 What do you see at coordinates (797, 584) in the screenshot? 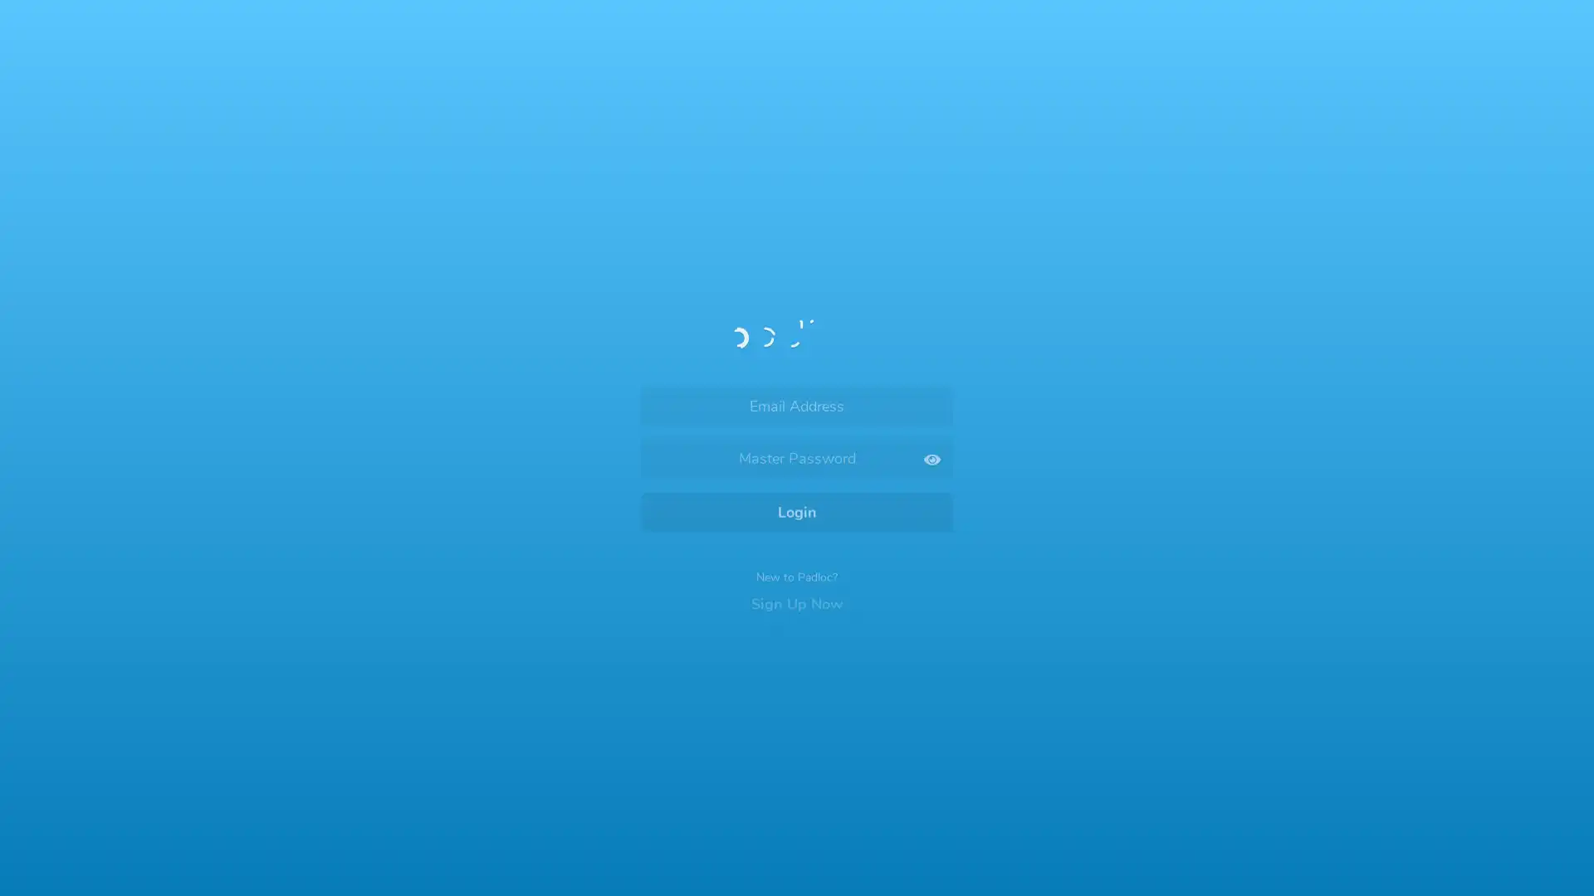
I see `Sign Up Now` at bounding box center [797, 584].